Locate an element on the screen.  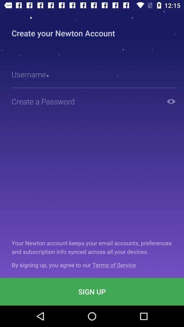
write password is located at coordinates (86, 101).